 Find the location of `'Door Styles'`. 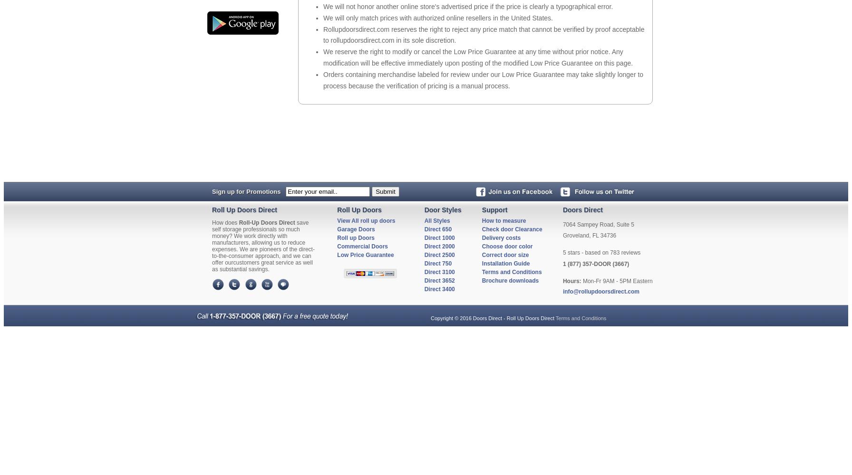

'Door Styles' is located at coordinates (442, 209).